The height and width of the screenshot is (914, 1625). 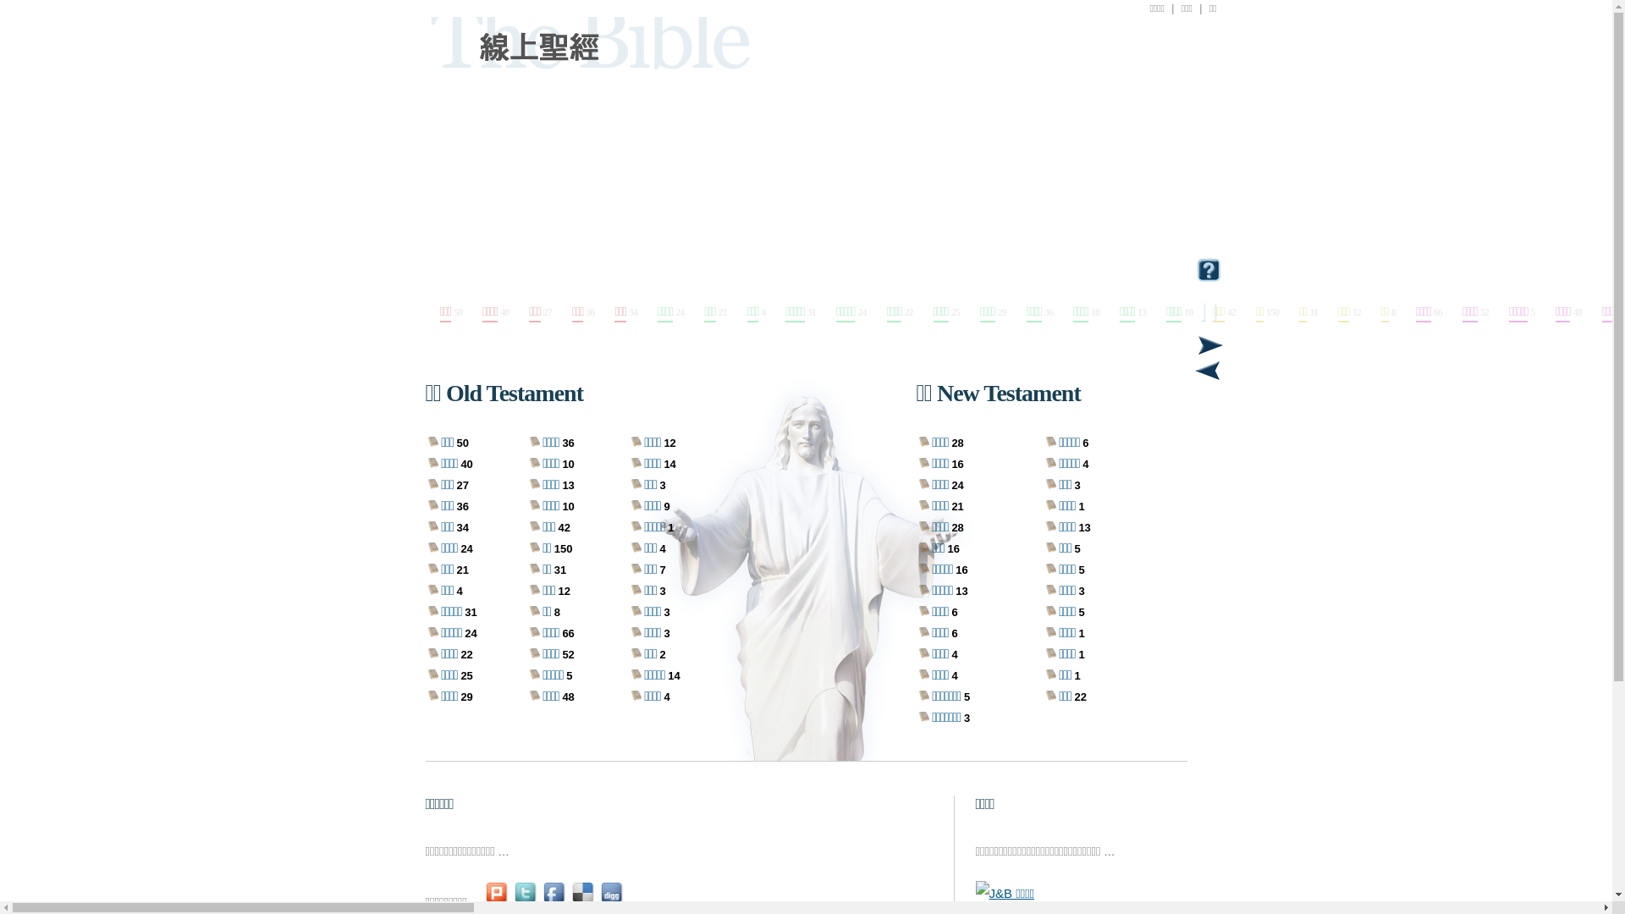 What do you see at coordinates (555, 900) in the screenshot?
I see `'Facebook'` at bounding box center [555, 900].